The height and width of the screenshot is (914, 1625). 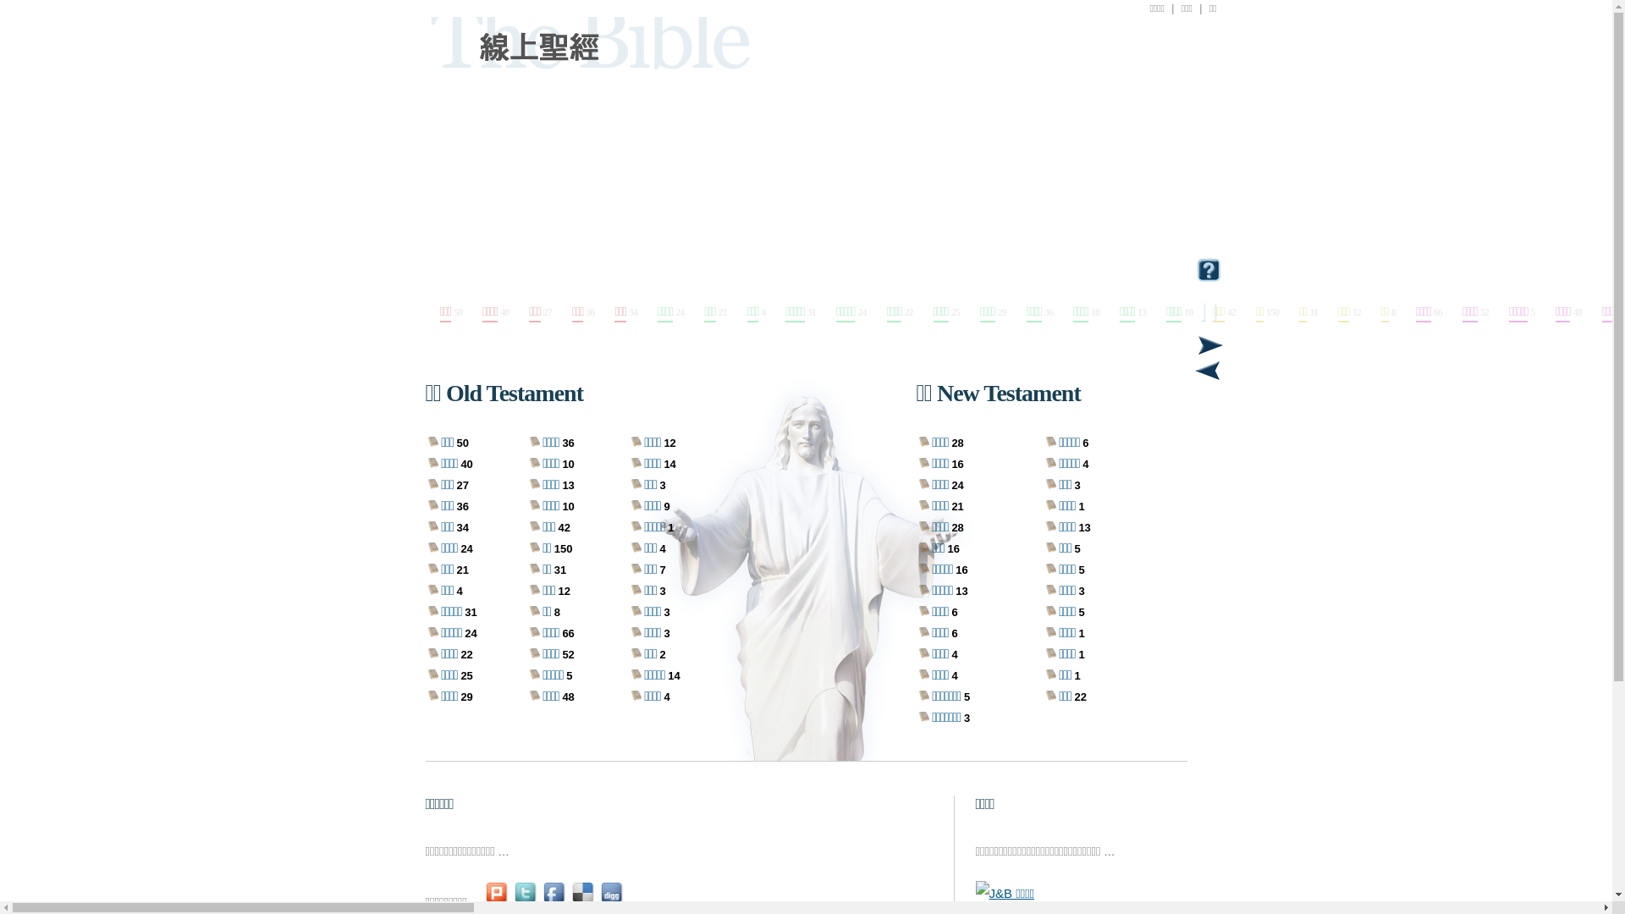 What do you see at coordinates (555, 900) in the screenshot?
I see `'Facebook'` at bounding box center [555, 900].